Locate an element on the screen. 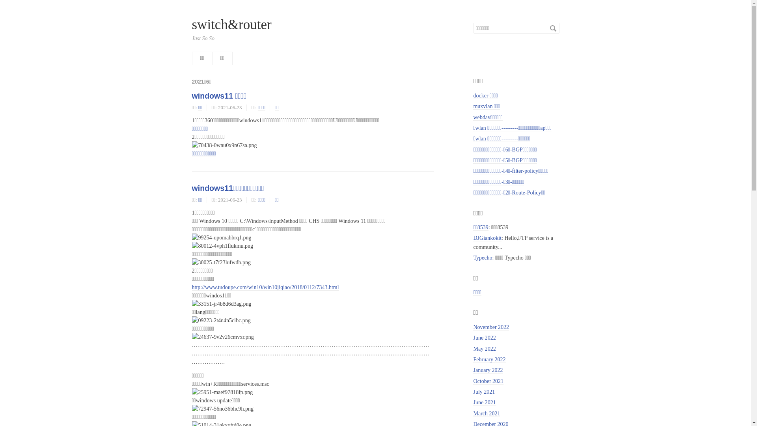  '99254-upomahbrq1.png' is located at coordinates (221, 237).